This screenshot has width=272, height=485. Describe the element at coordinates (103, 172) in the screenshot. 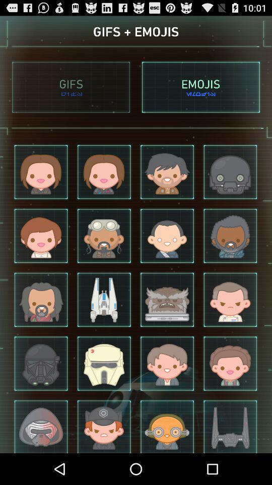

I see `the image which is second in the first row` at that location.